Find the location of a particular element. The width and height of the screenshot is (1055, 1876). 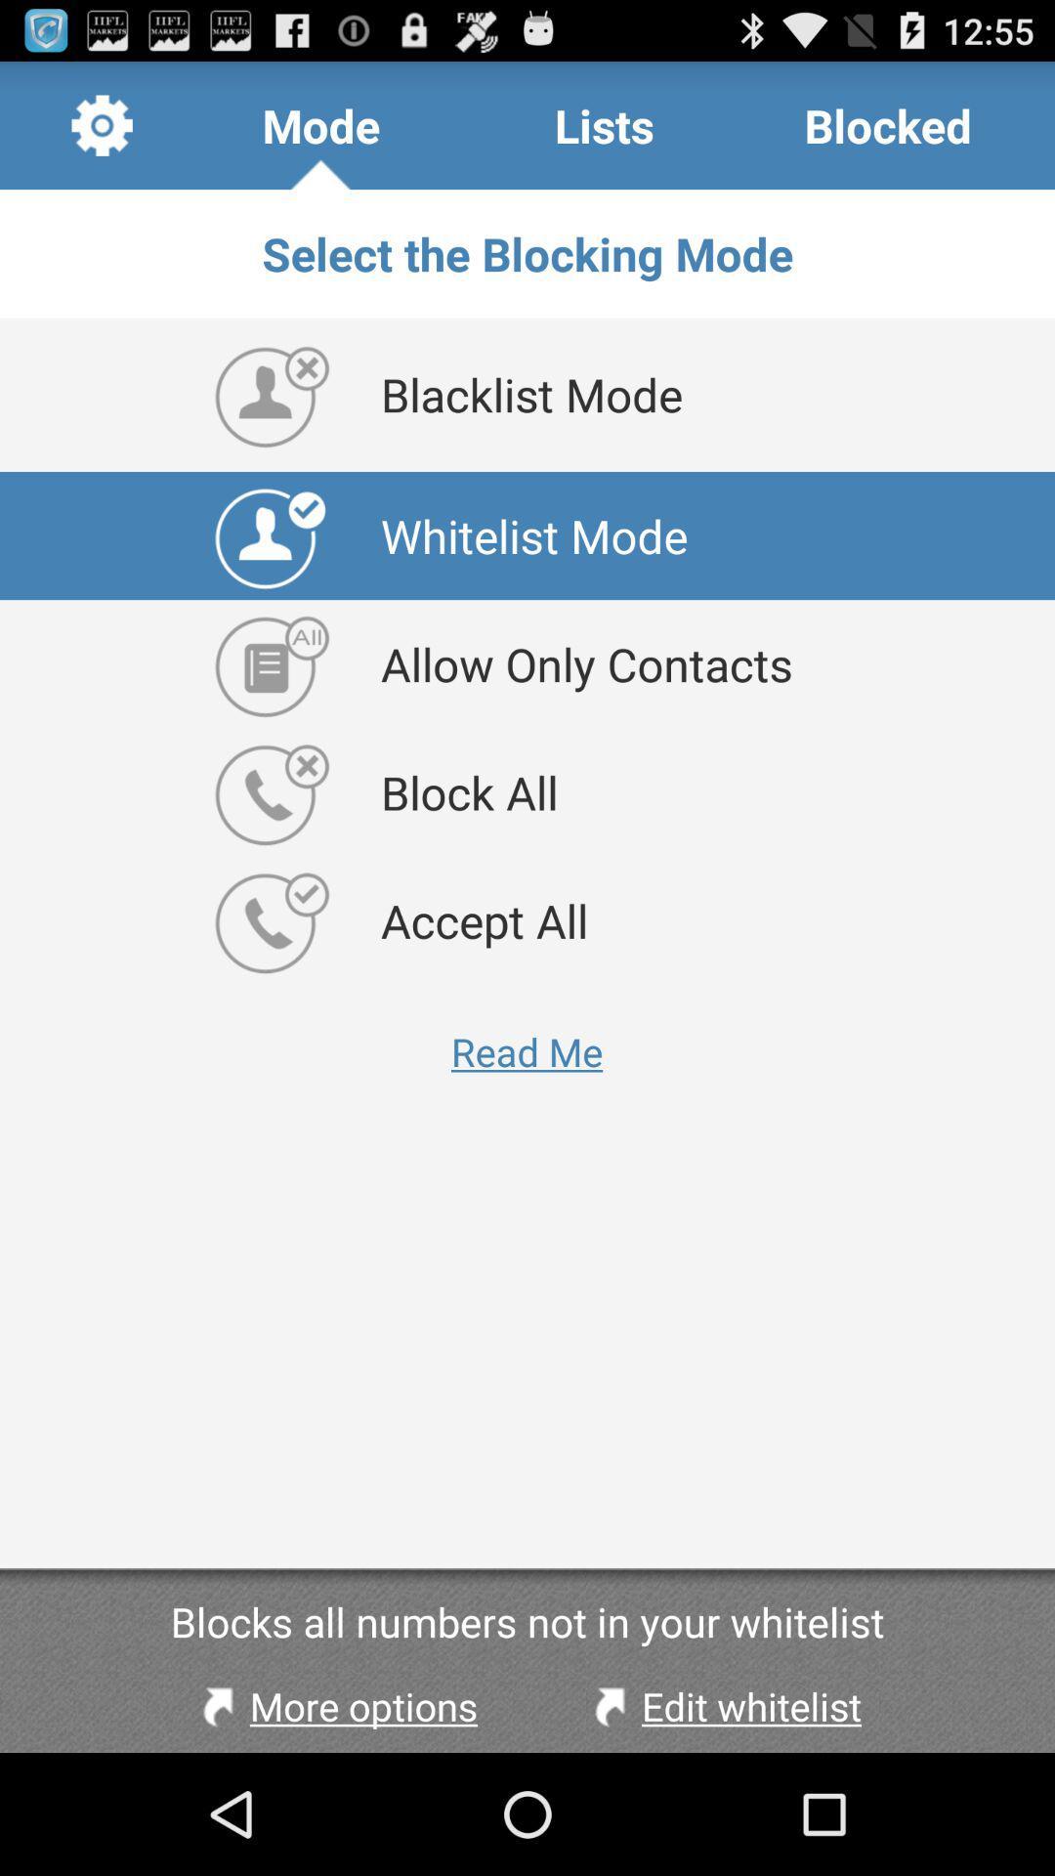

item below the blocks all numbers item is located at coordinates (723, 1705).